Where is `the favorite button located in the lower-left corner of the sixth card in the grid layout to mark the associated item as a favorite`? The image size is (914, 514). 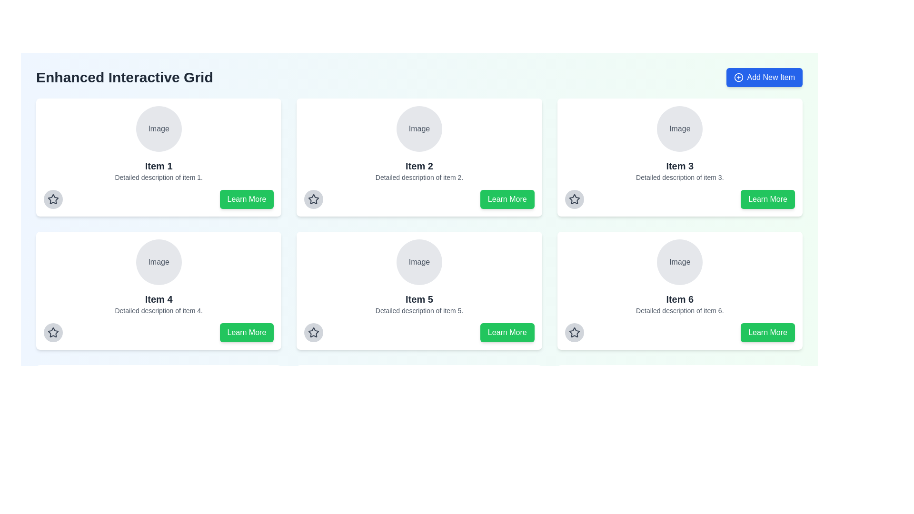
the favorite button located in the lower-left corner of the sixth card in the grid layout to mark the associated item as a favorite is located at coordinates (574, 332).